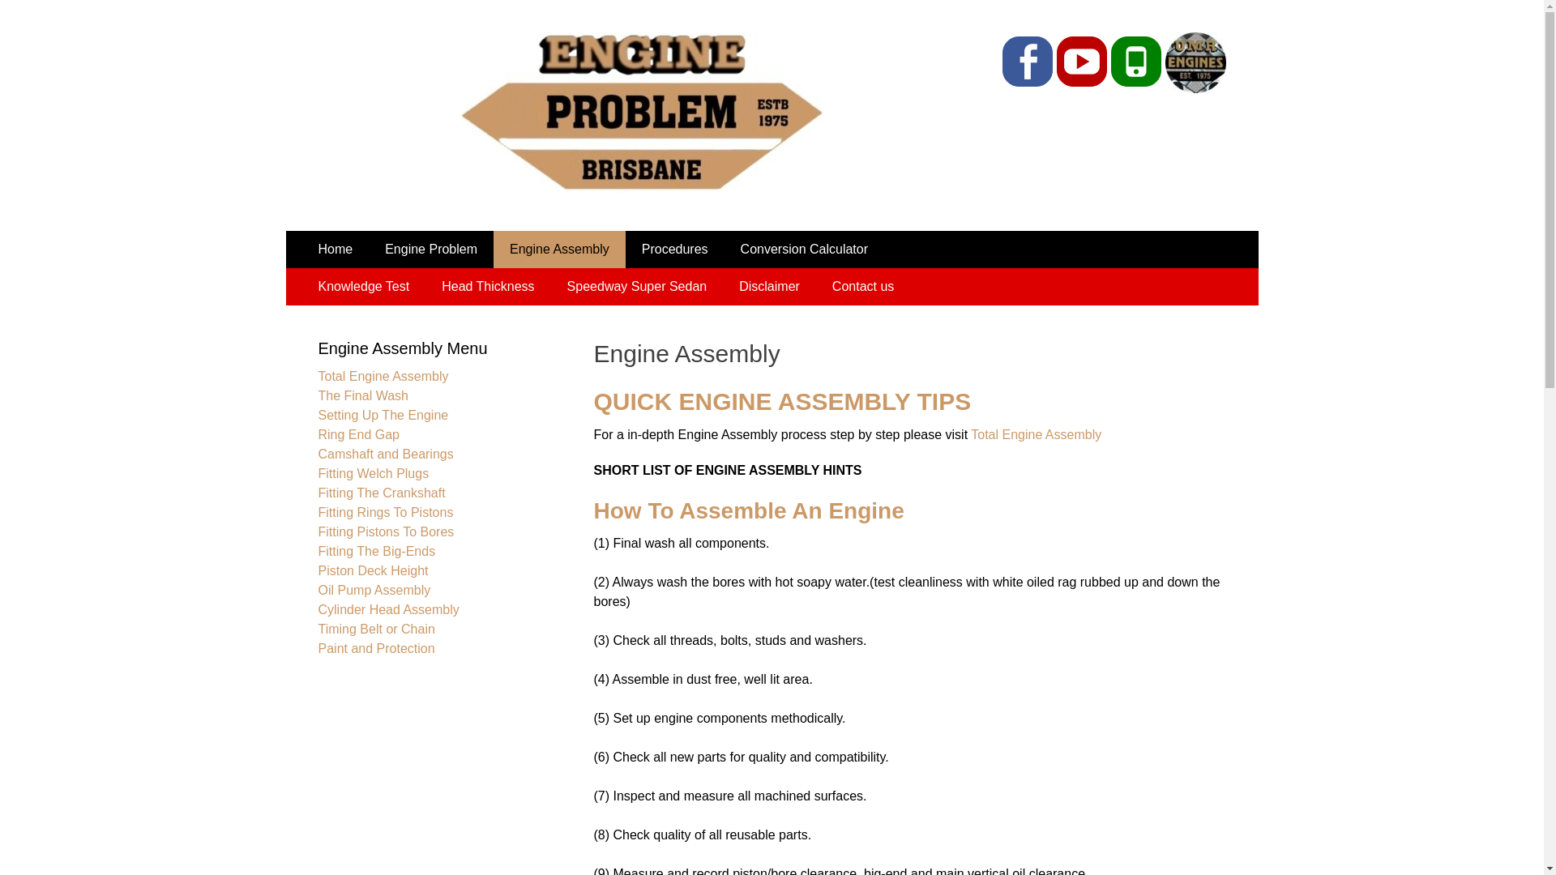 The image size is (1556, 875). Describe the element at coordinates (375, 628) in the screenshot. I see `'Timing Belt or Chain'` at that location.